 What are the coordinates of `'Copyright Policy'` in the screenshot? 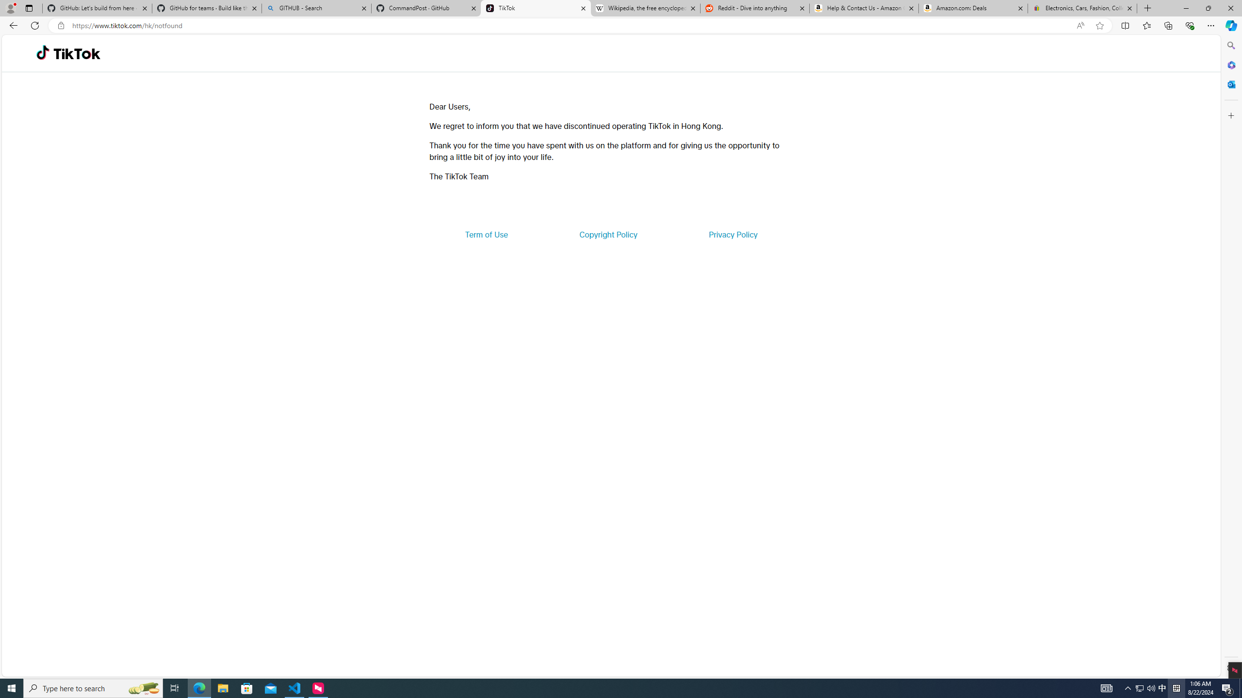 It's located at (607, 234).